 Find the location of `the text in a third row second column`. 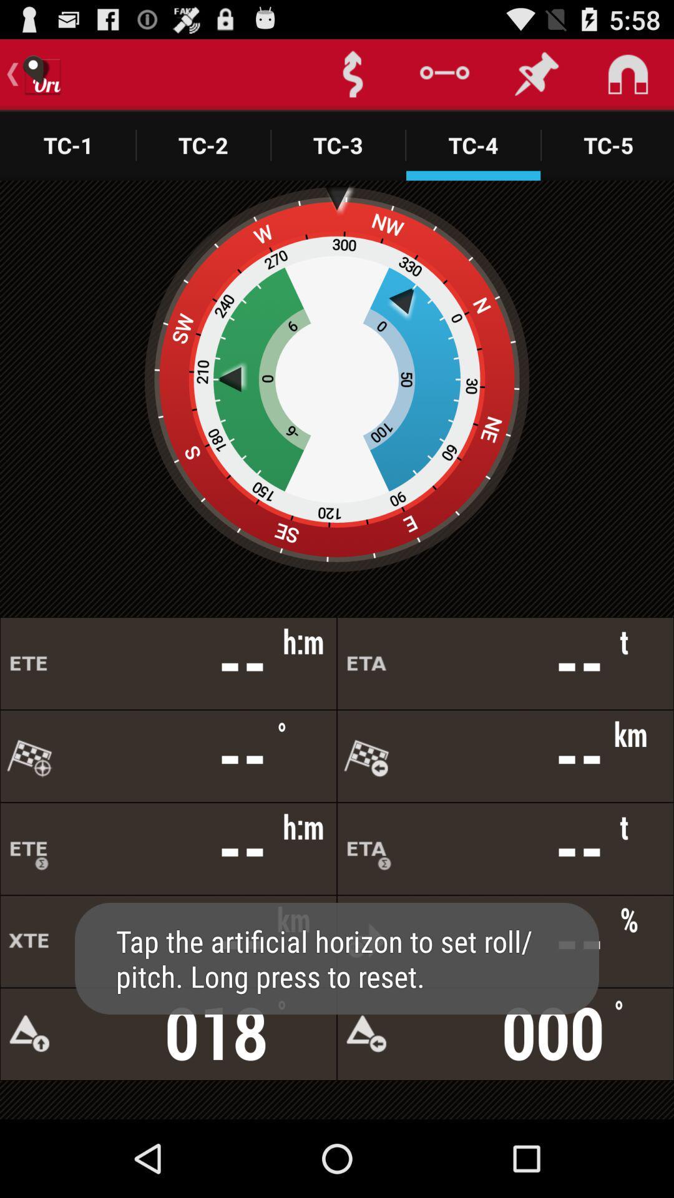

the text in a third row second column is located at coordinates (506, 849).